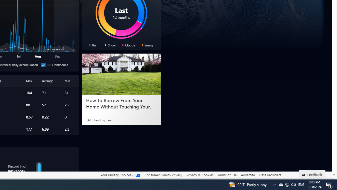  What do you see at coordinates (200, 175) in the screenshot?
I see `'Privacy & Cookies'` at bounding box center [200, 175].